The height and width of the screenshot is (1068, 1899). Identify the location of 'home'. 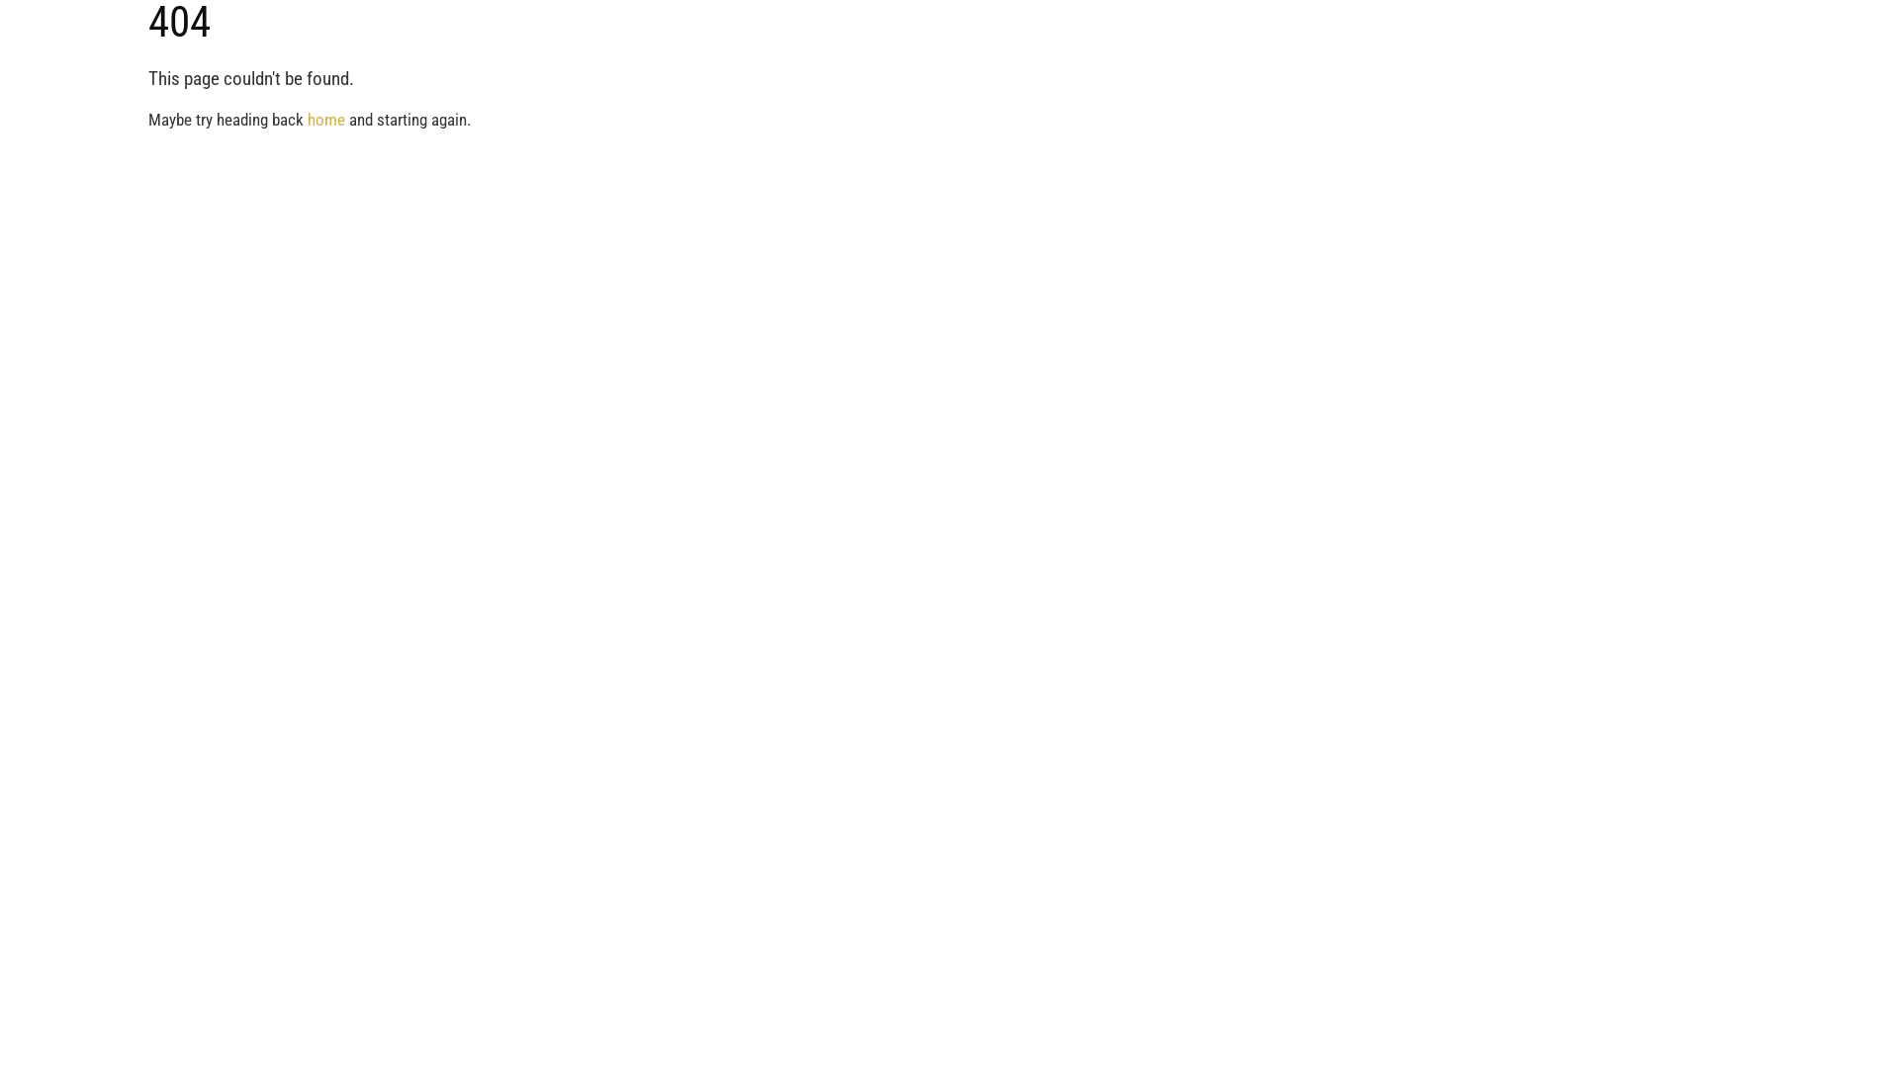
(307, 119).